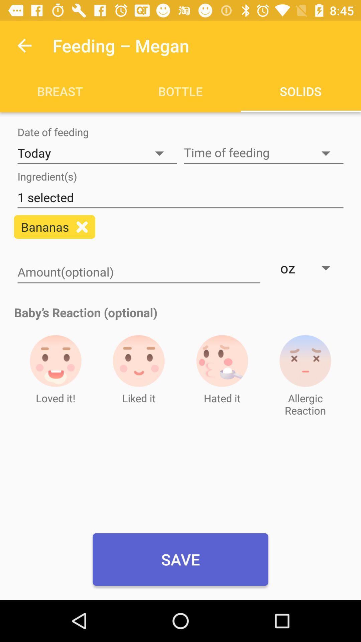 Image resolution: width=361 pixels, height=642 pixels. What do you see at coordinates (82, 227) in the screenshot?
I see `add` at bounding box center [82, 227].